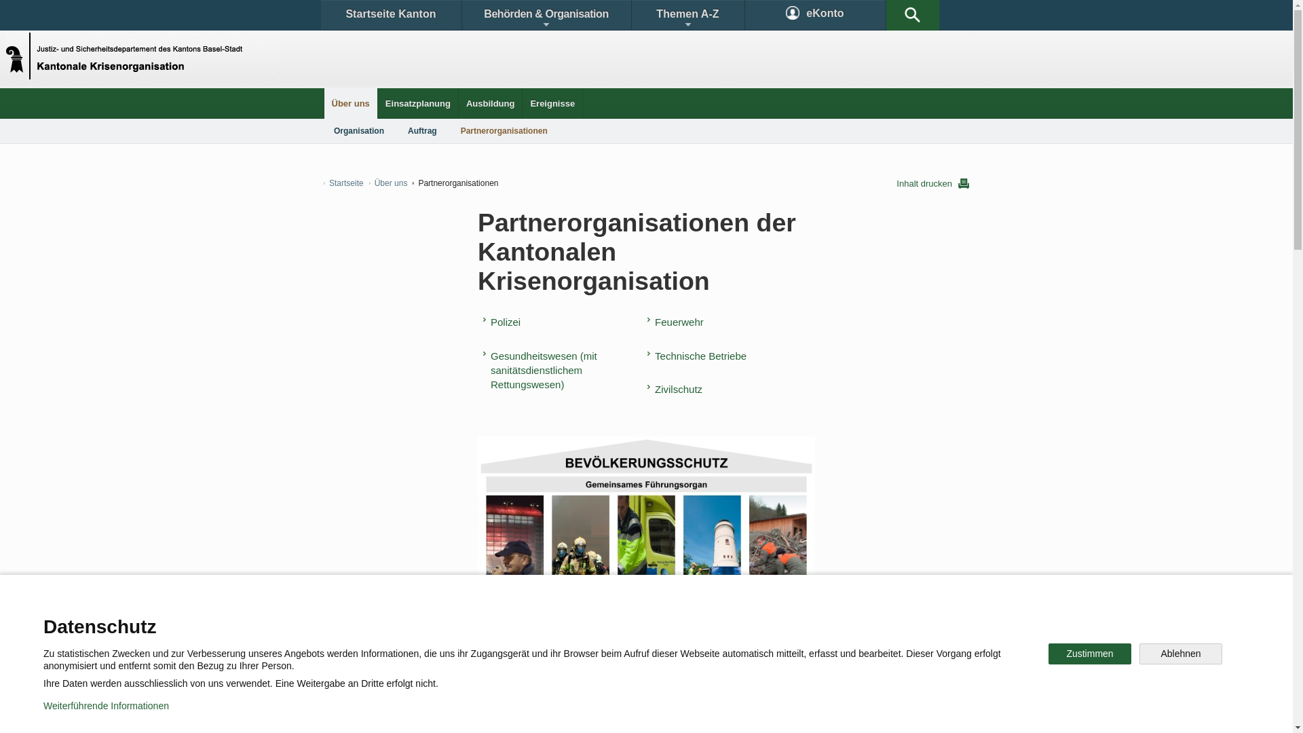 The height and width of the screenshot is (733, 1303). What do you see at coordinates (678, 389) in the screenshot?
I see `'Zivilschutz'` at bounding box center [678, 389].